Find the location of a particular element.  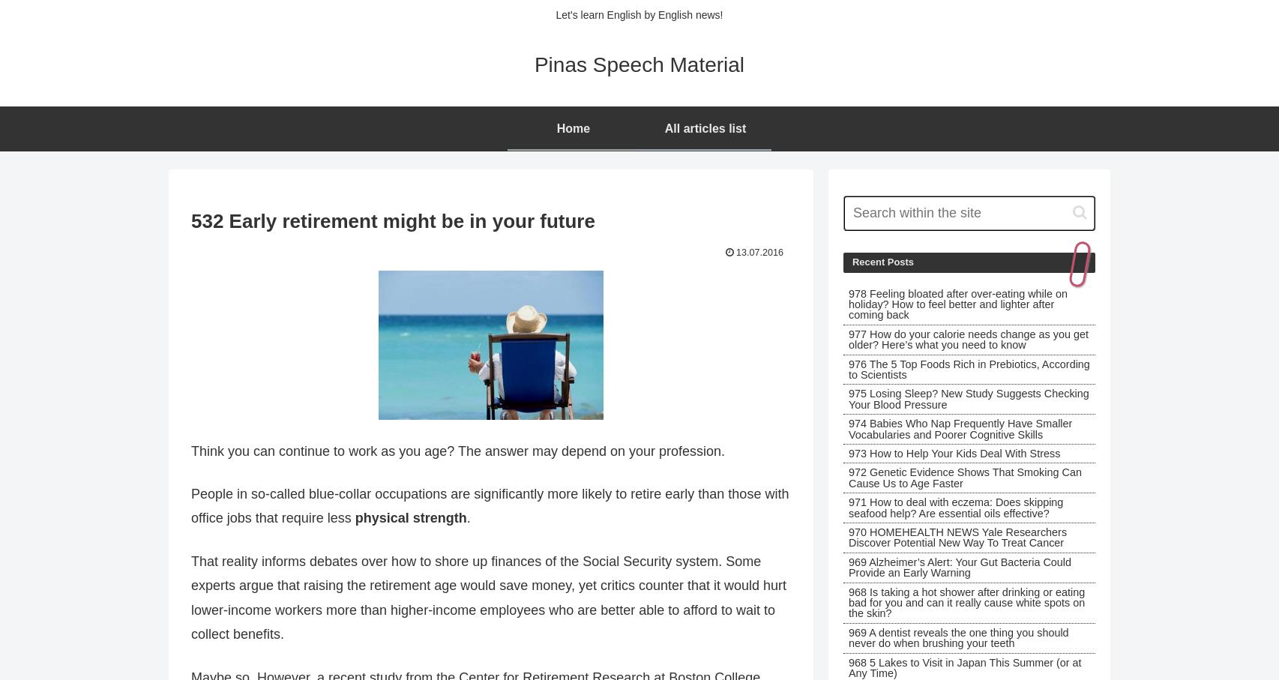

'That reality informs debates over how to shore up finances of the Social Security system. Some experts argue that raising the retirement age would save money, yet critics counter that it would hurt lower-income workers more than higher-income employees who are better able to afford to wait to collect benefits.' is located at coordinates (488, 598).